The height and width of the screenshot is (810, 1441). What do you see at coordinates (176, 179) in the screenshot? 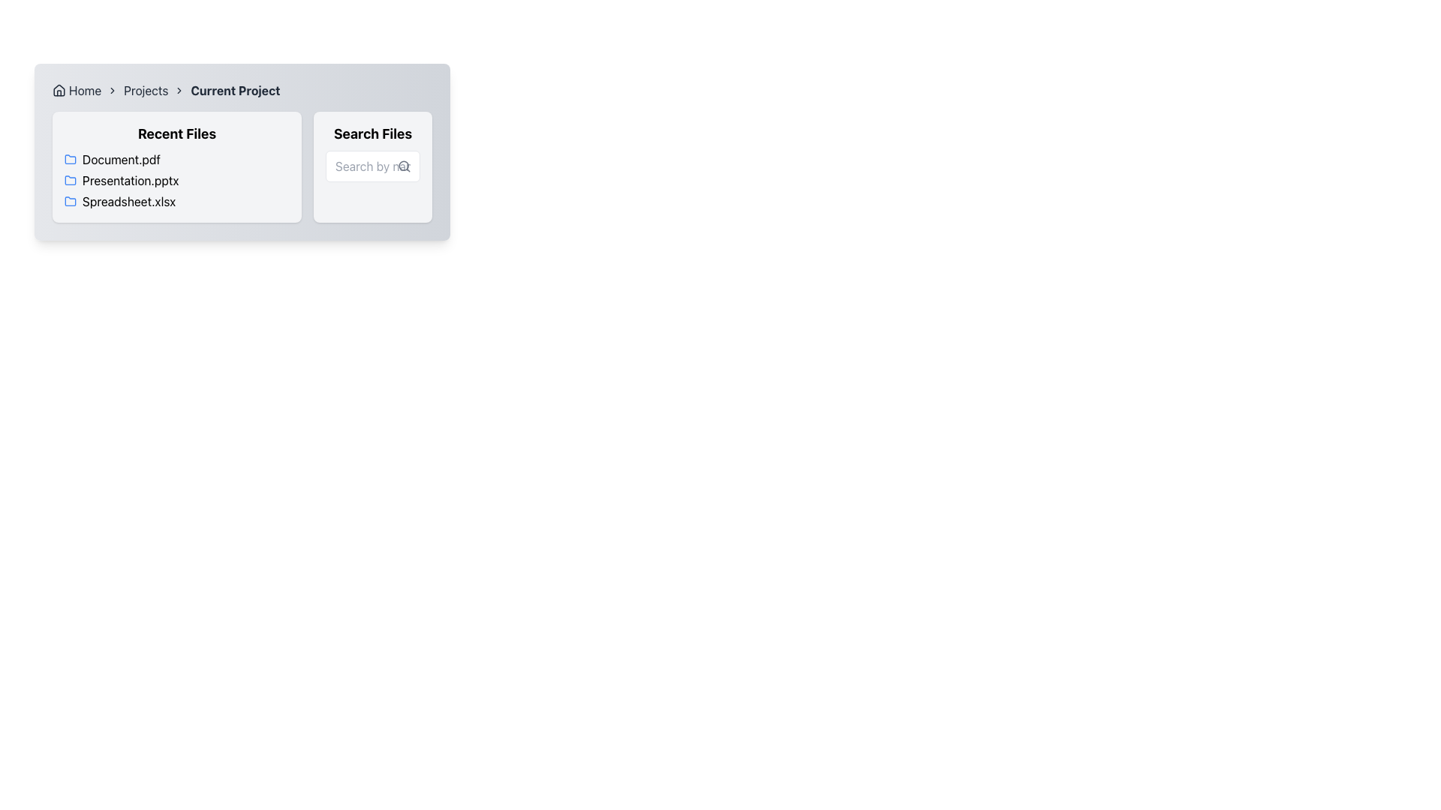
I see `the text label 'Presentation.pptx' in the second row of the 'Recent Files' list` at bounding box center [176, 179].